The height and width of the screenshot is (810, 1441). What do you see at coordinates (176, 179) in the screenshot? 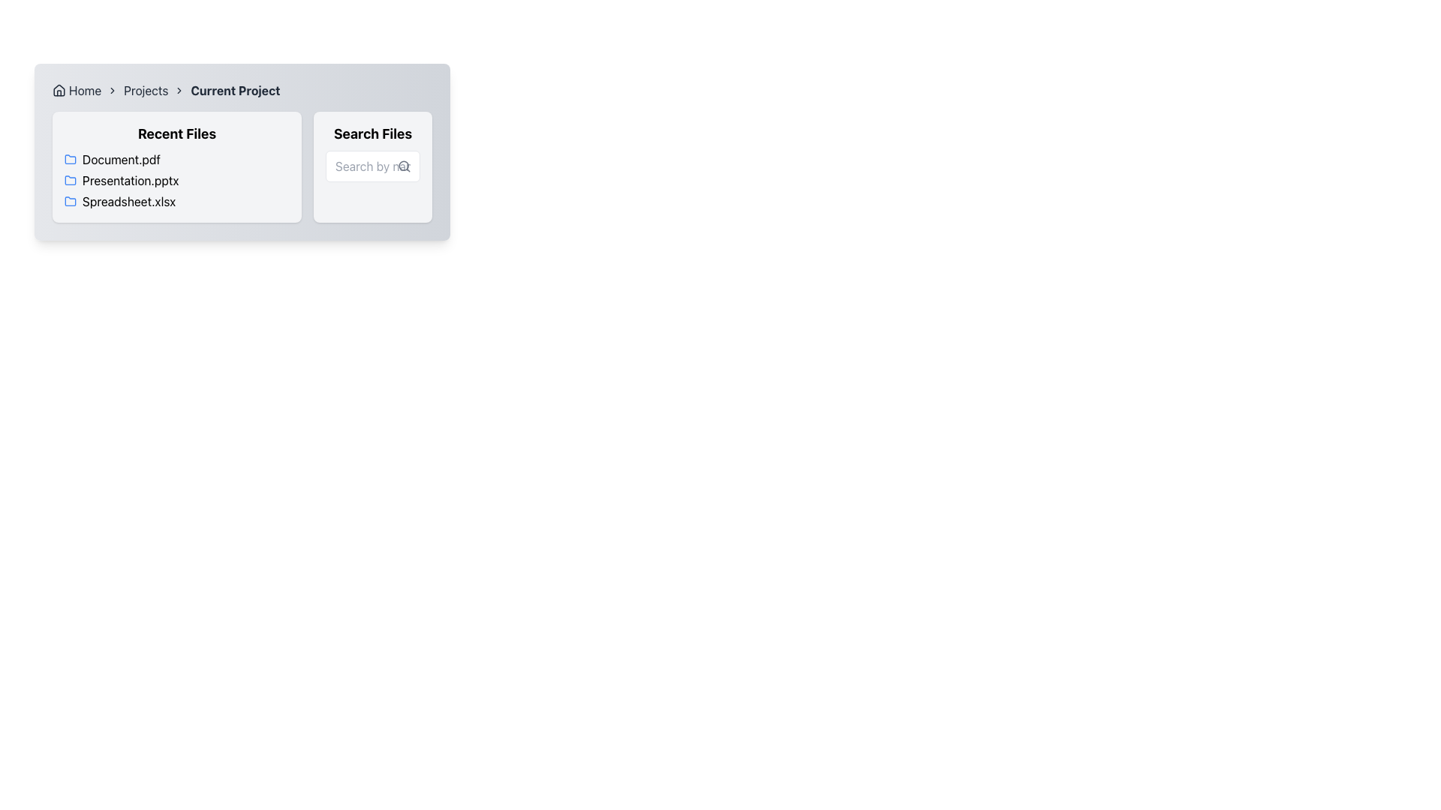
I see `the text label 'Presentation.pptx' in the second row of the 'Recent Files' list` at bounding box center [176, 179].